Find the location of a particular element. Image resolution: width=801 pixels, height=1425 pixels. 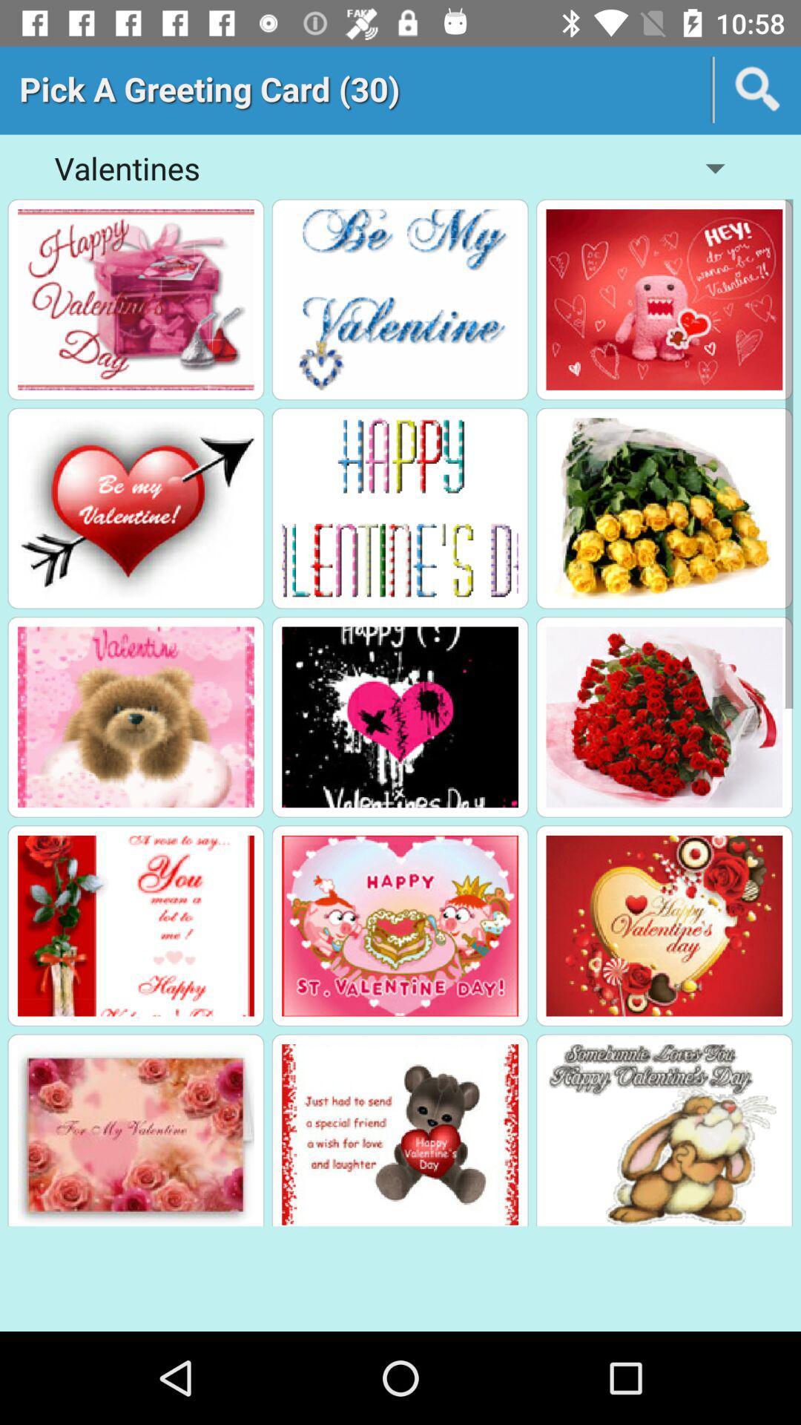

the 5th image from the top is located at coordinates (399, 508).